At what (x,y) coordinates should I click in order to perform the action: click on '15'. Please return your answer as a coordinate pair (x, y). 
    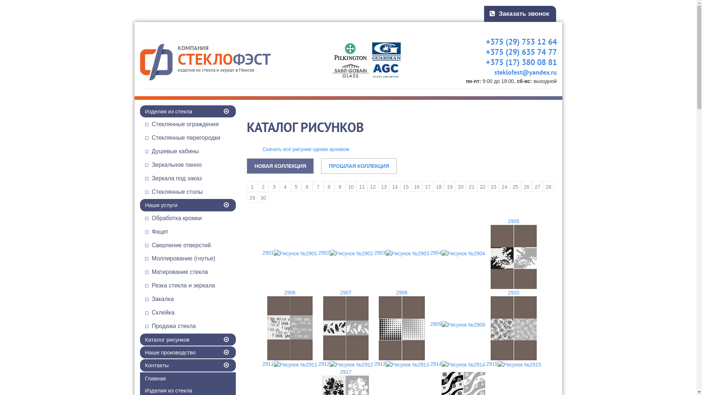
    Looking at the image, I should click on (405, 186).